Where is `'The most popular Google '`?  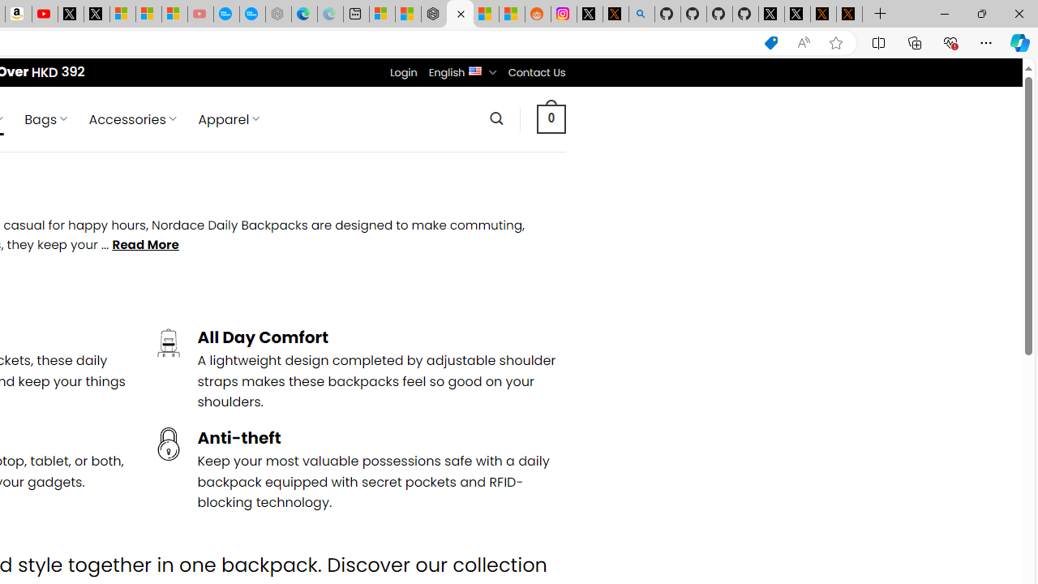 'The most popular Google ' is located at coordinates (251, 14).